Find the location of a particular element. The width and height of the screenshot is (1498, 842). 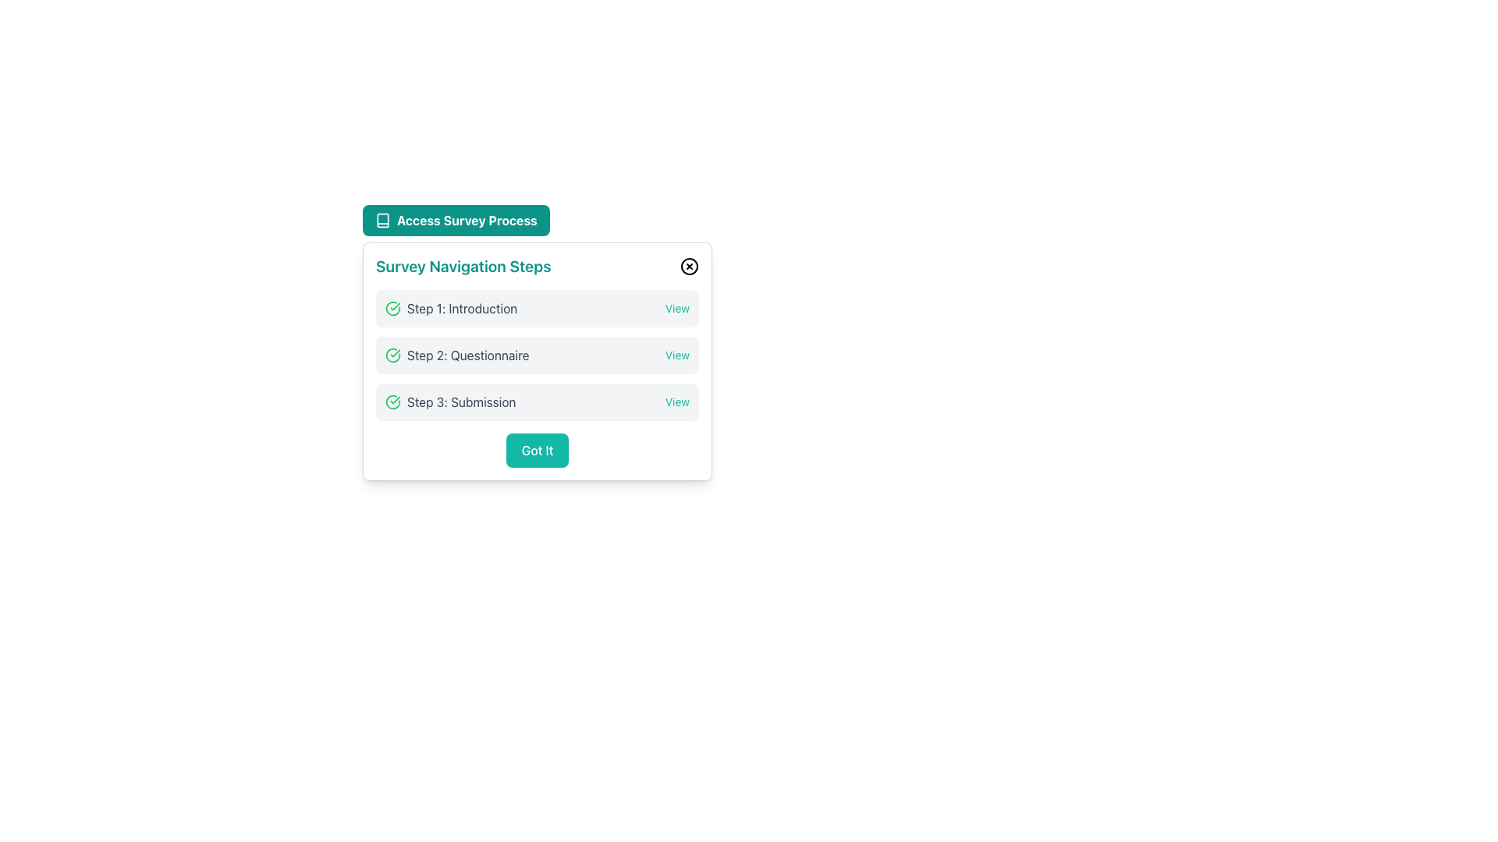

text label indicating the second step in the survey process, which is positioned below 'Step 1: Introduction' and above 'Step 3: Submission' in the 'Survey Navigation Steps' list is located at coordinates (467, 355).